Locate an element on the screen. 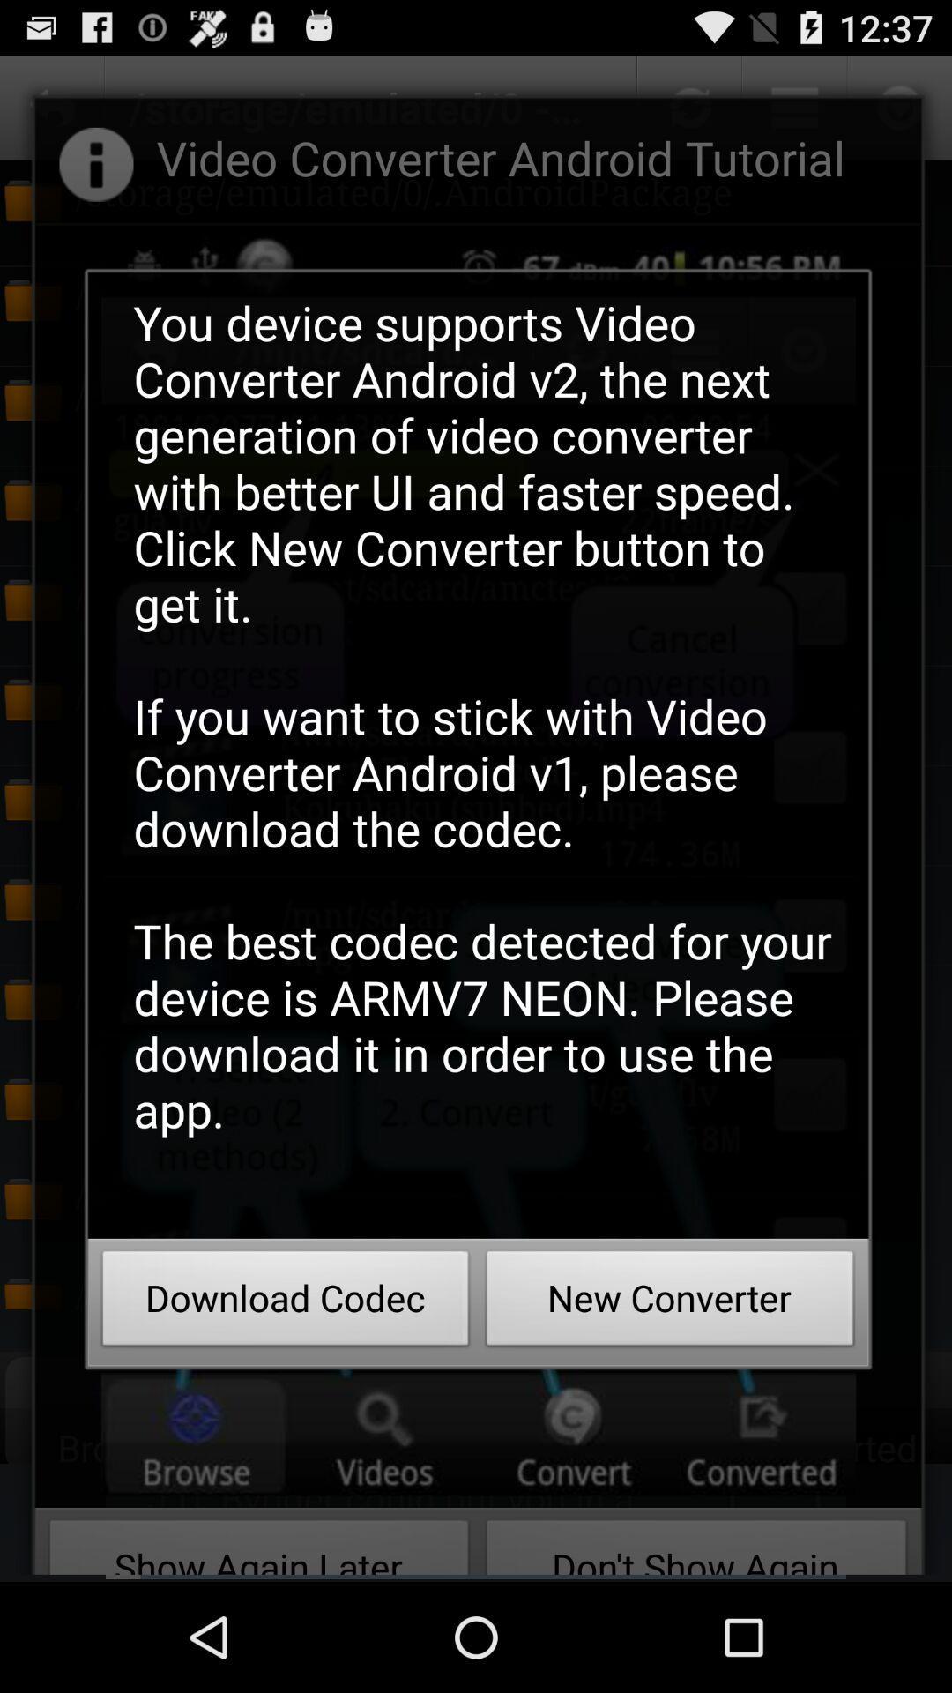  icon next to new converter button is located at coordinates (285, 1303).